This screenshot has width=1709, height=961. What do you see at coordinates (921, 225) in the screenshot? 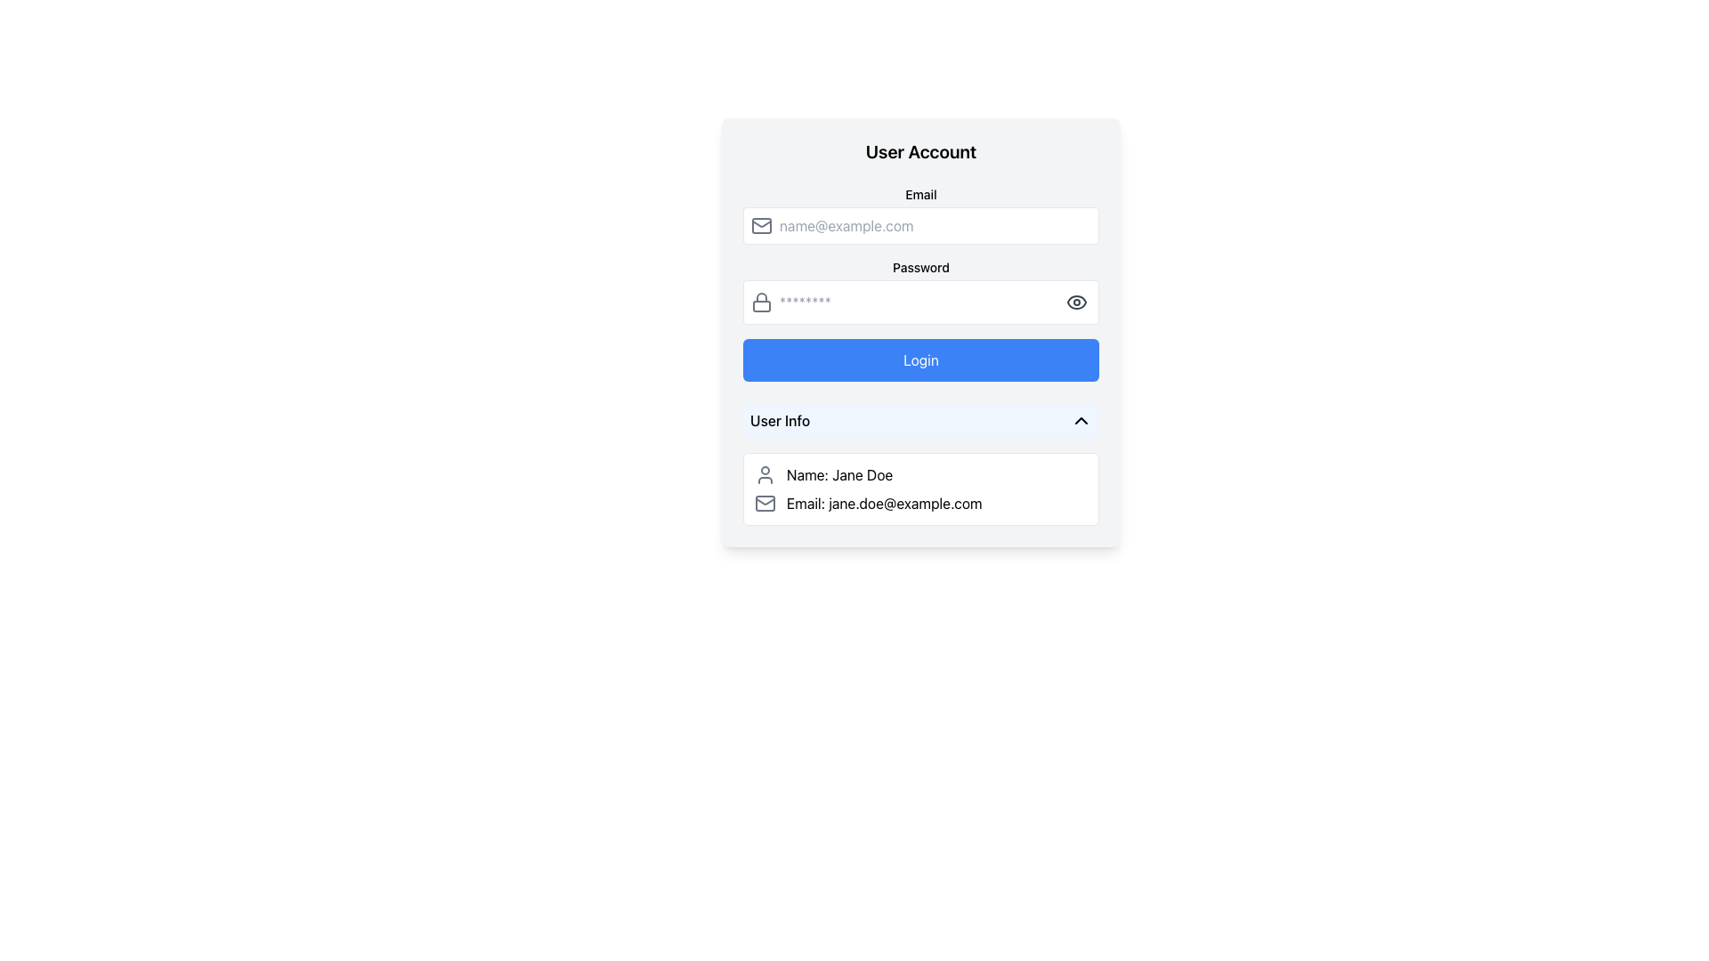
I see `the rectangular input field for email labeled 'User Account' to focus it` at bounding box center [921, 225].